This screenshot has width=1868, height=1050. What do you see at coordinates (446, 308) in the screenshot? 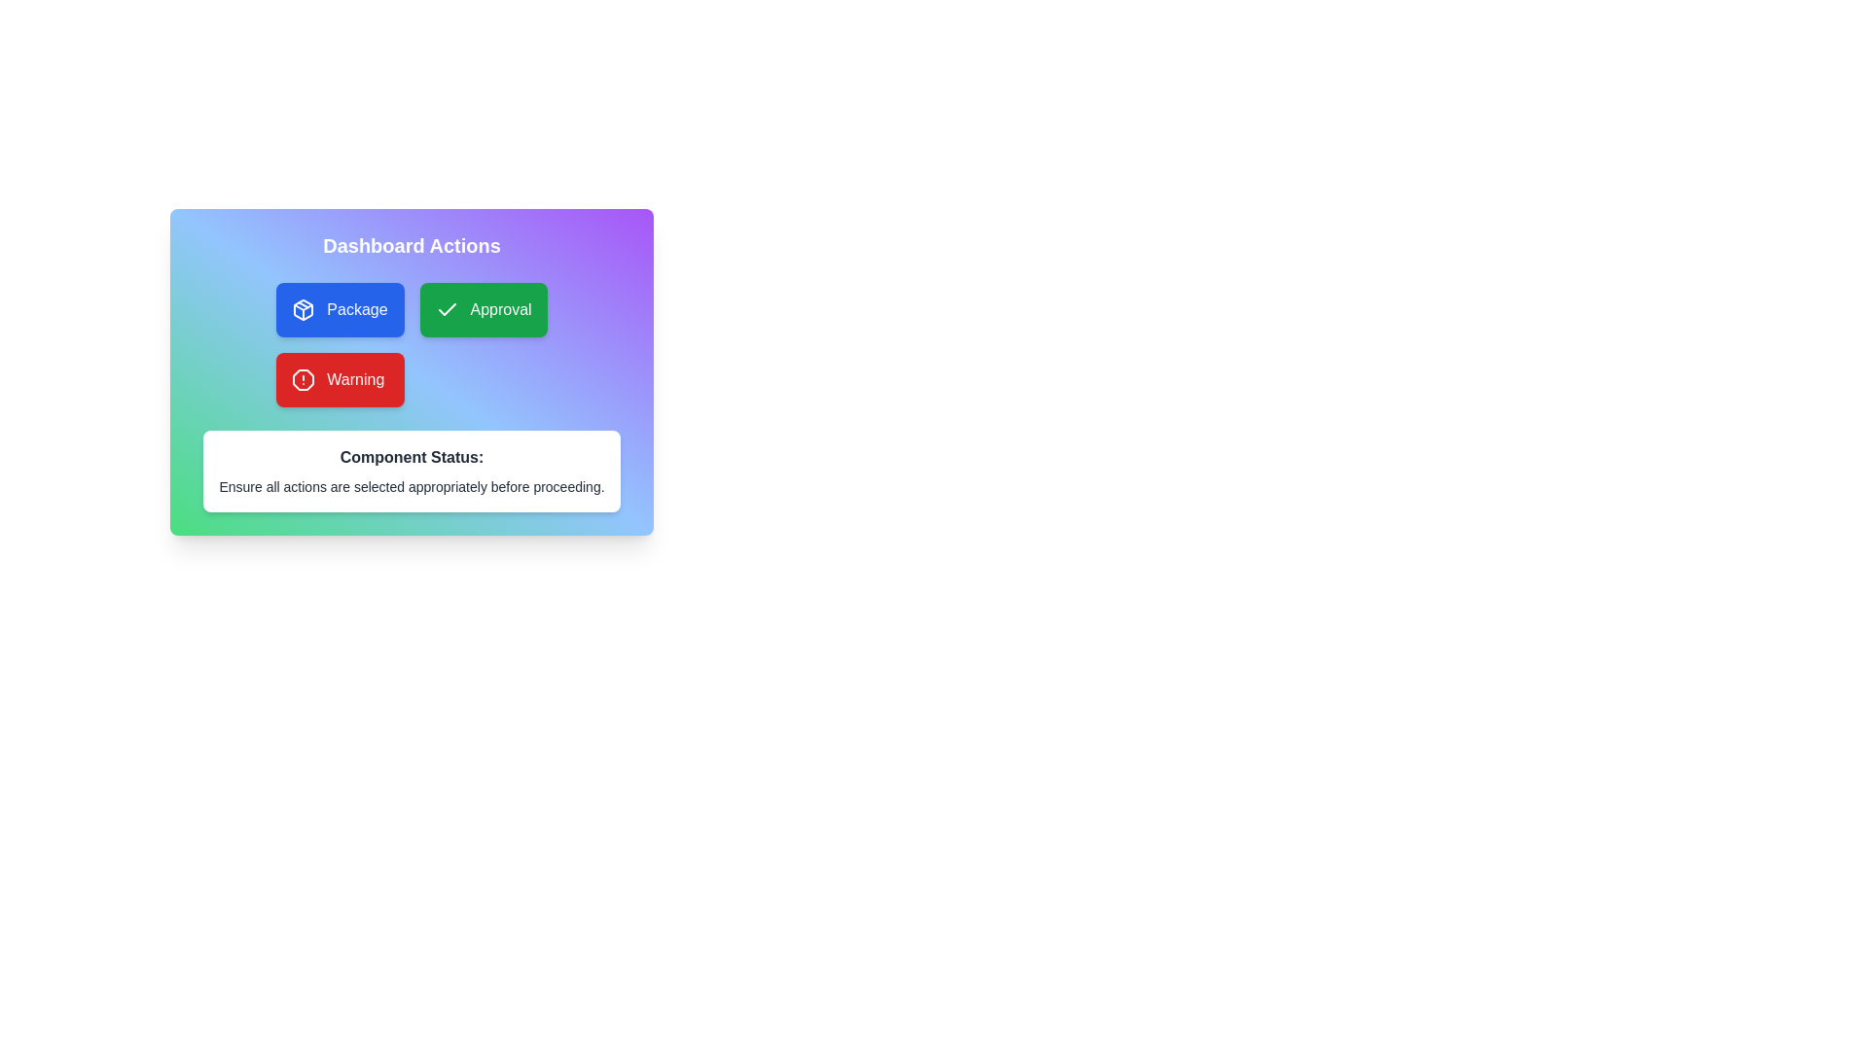
I see `the SVG graphic of a checkmark within the green 'Approval' button, which indicates approval or a completed status, located in the top-right of the 'Dashboard Actions' grid` at bounding box center [446, 308].